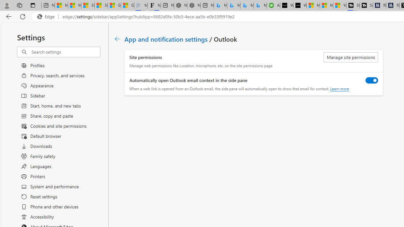 This screenshot has height=227, width=404. What do you see at coordinates (260, 5) in the screenshot?
I see `'Microsoft Bing Travel - Shangri-La Hotel Bangkok'` at bounding box center [260, 5].